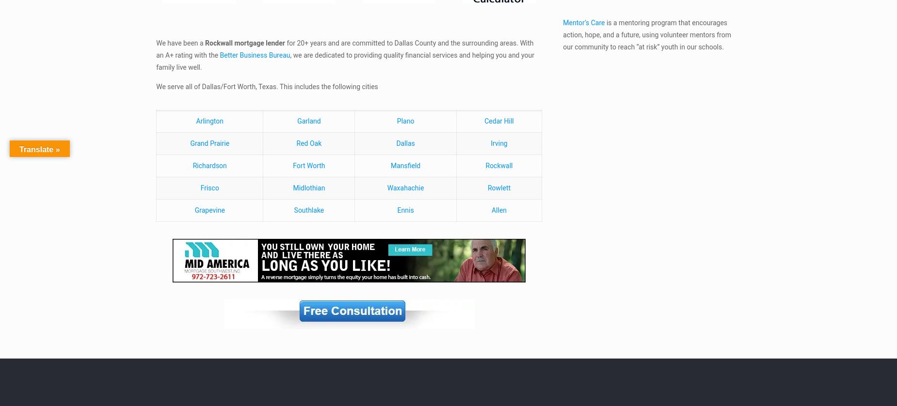 Image resolution: width=897 pixels, height=406 pixels. I want to click on 'Translate »', so click(39, 149).